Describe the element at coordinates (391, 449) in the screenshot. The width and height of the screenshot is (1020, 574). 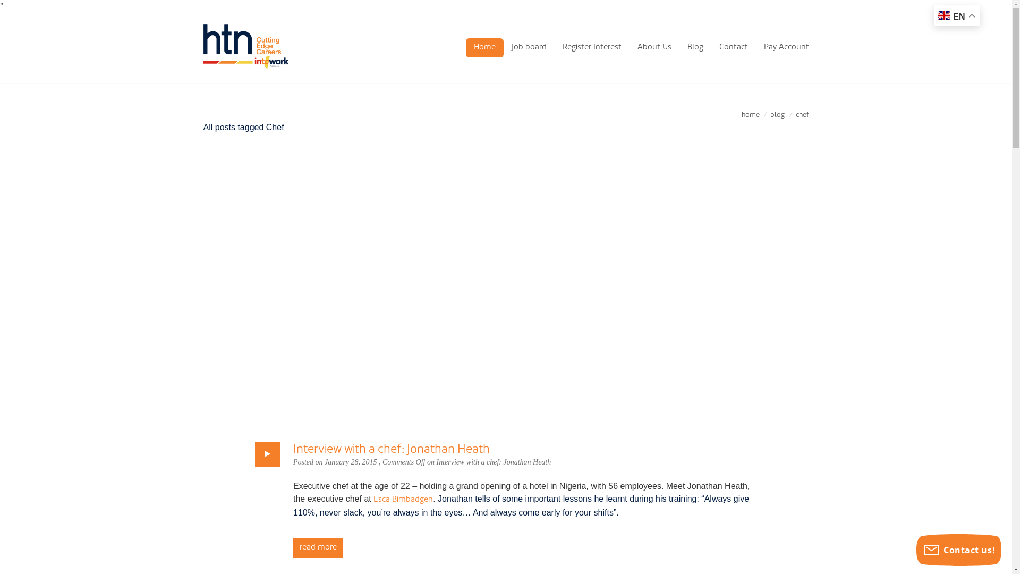
I see `'Interview with a chef: Jonathan Heath'` at that location.